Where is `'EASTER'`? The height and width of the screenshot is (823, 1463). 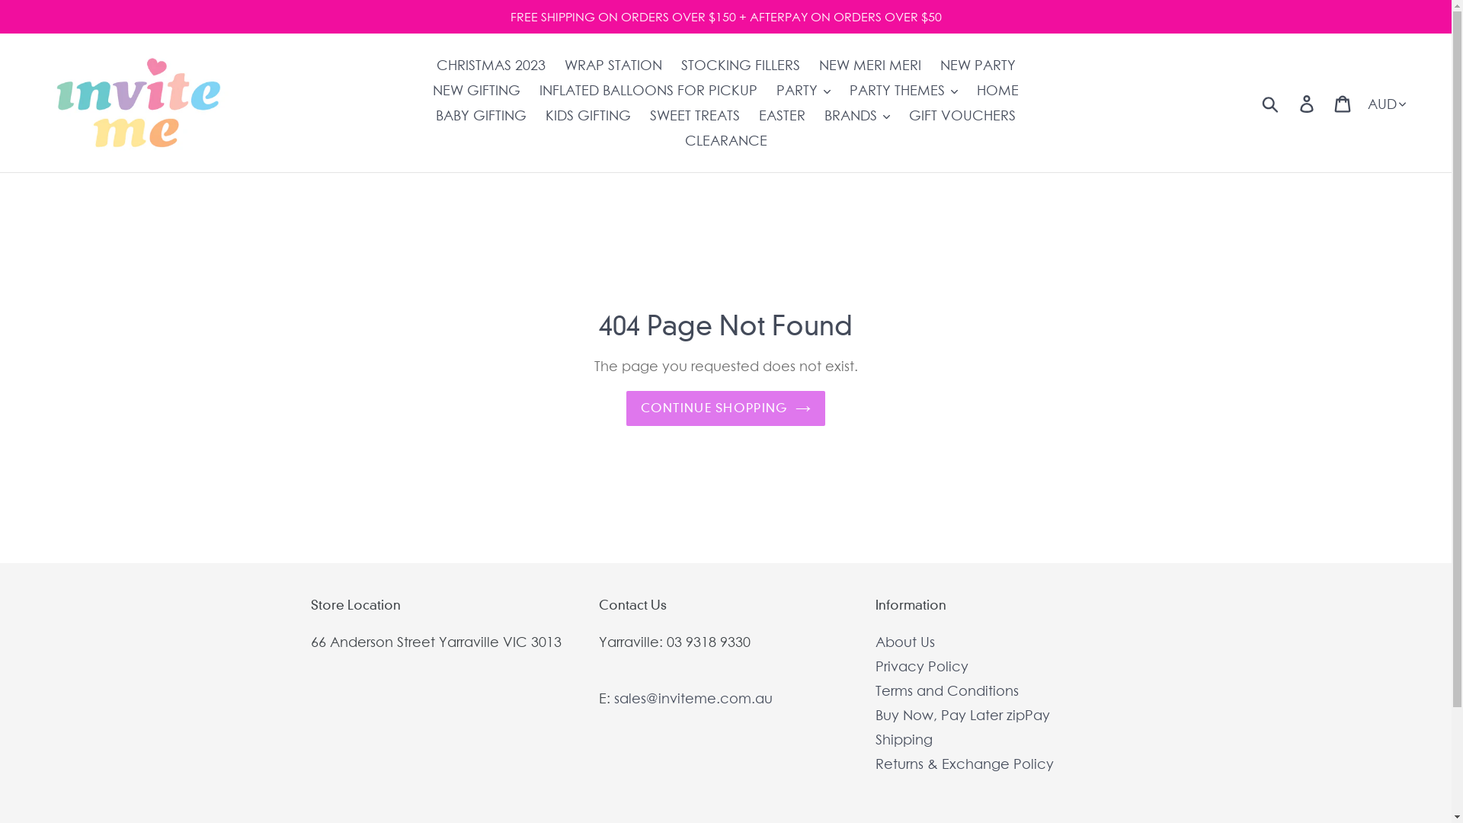
'EASTER' is located at coordinates (782, 114).